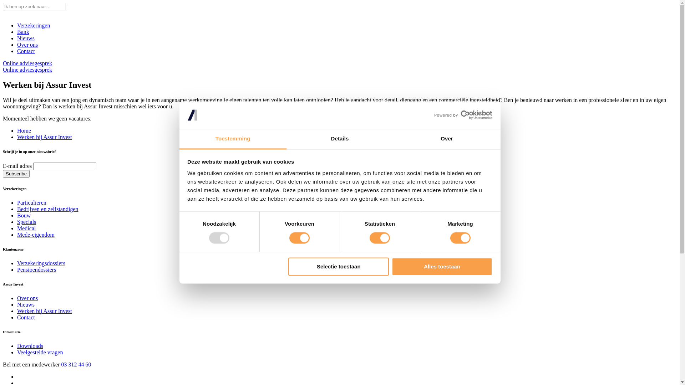 The width and height of the screenshot is (685, 385). I want to click on 'Details', so click(339, 139).